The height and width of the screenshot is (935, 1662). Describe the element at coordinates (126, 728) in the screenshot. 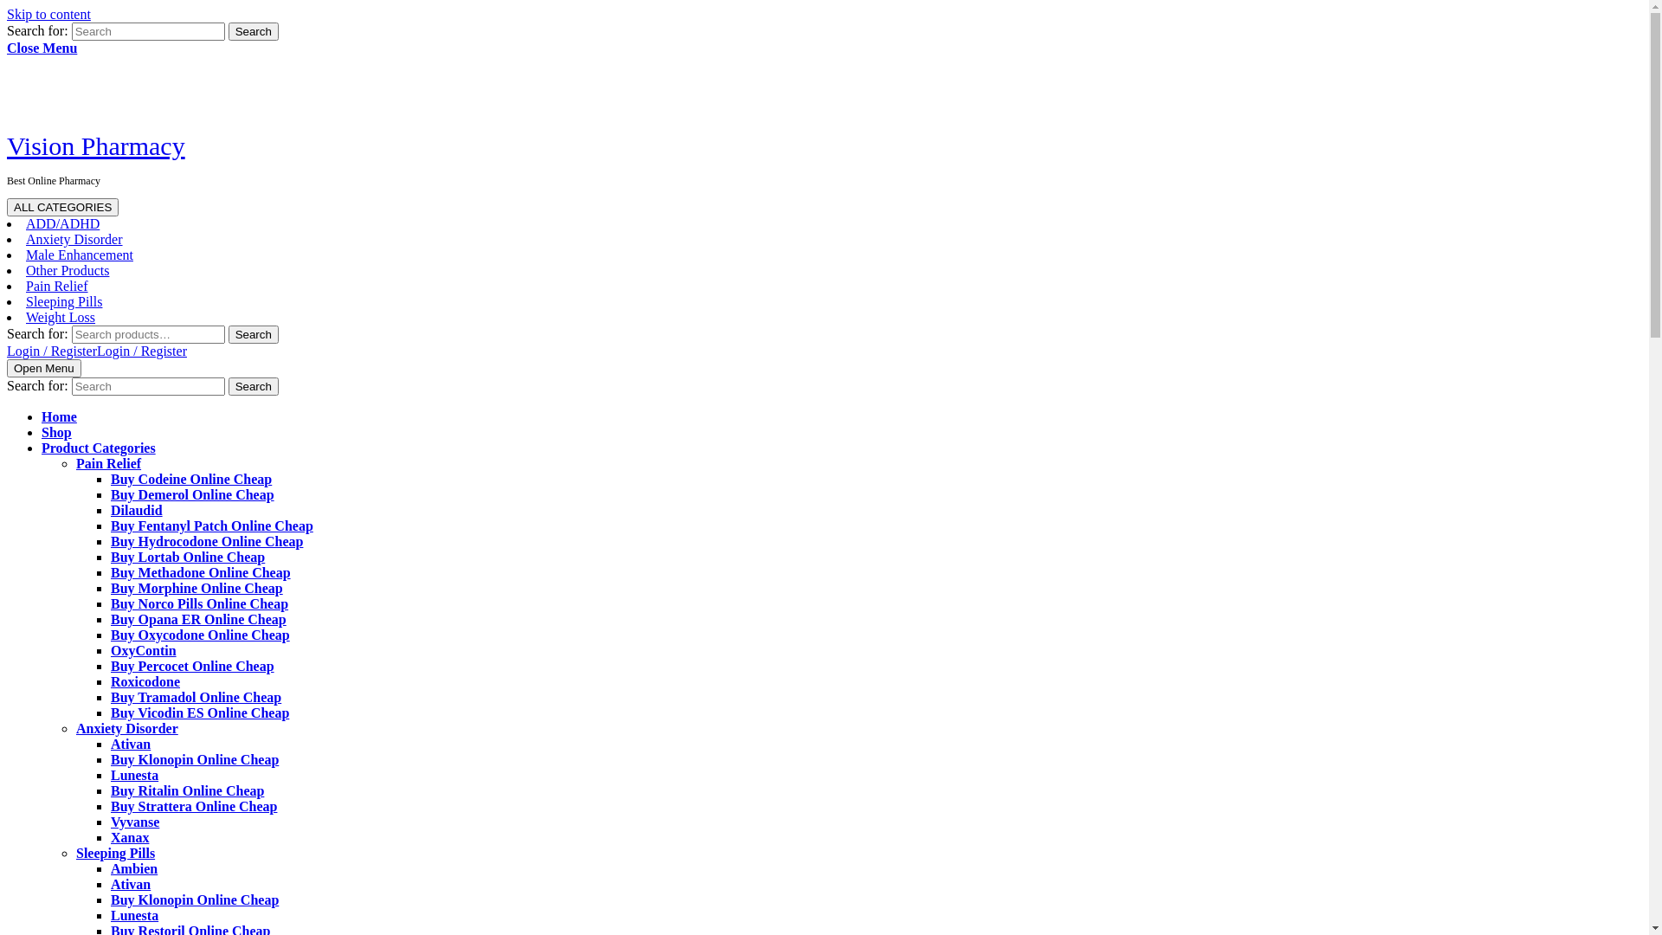

I see `'Anxiety Disorder'` at that location.